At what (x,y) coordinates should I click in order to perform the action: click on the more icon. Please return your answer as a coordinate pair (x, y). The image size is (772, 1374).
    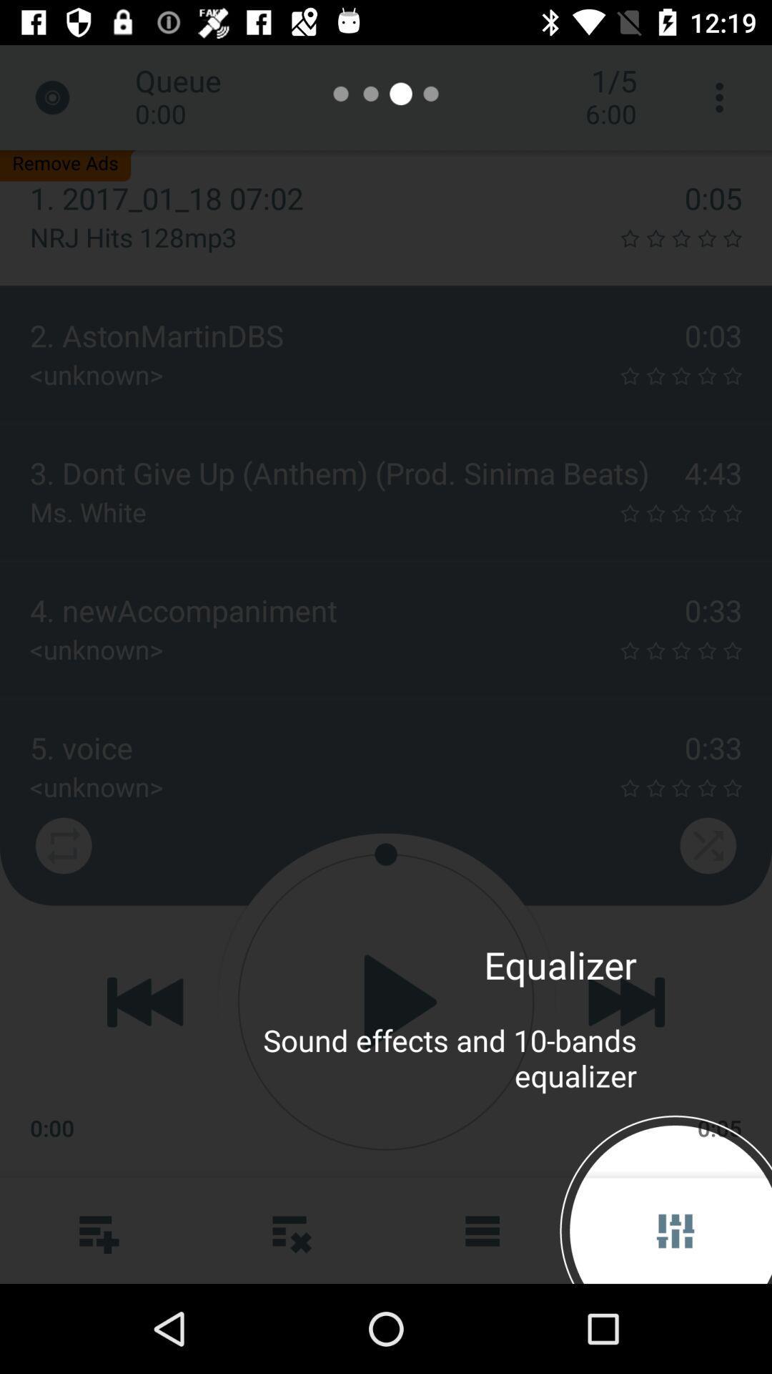
    Looking at the image, I should click on (719, 97).